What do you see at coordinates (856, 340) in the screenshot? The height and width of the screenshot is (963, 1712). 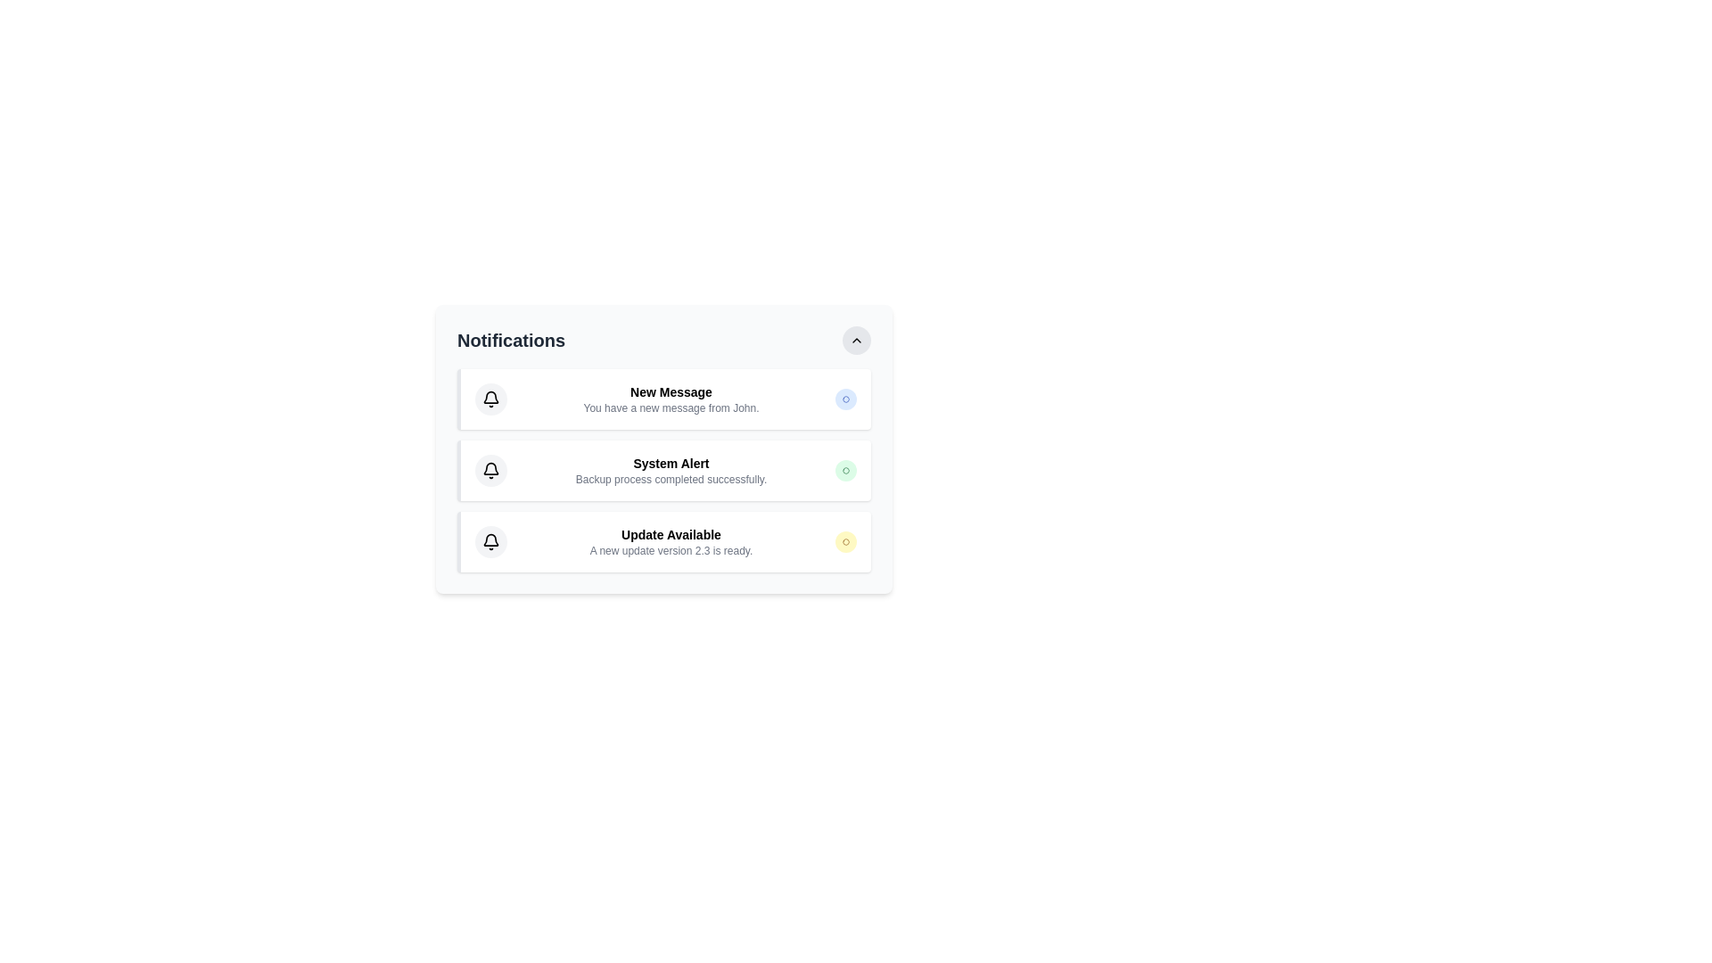 I see `the small, upward-facing chevron icon with a rounded border and gray background, located in the top right area of the interface adjacent to the 'Notifications' header` at bounding box center [856, 340].